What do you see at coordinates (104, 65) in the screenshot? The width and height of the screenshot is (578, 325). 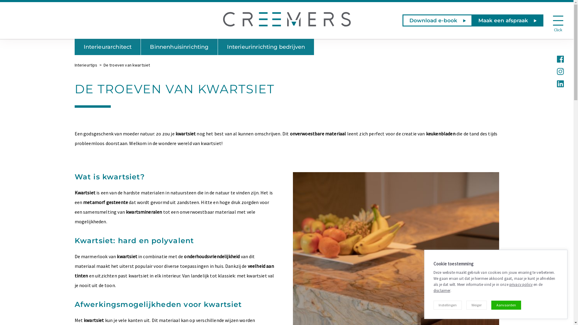 I see `'De troeven van kwartsiet'` at bounding box center [104, 65].